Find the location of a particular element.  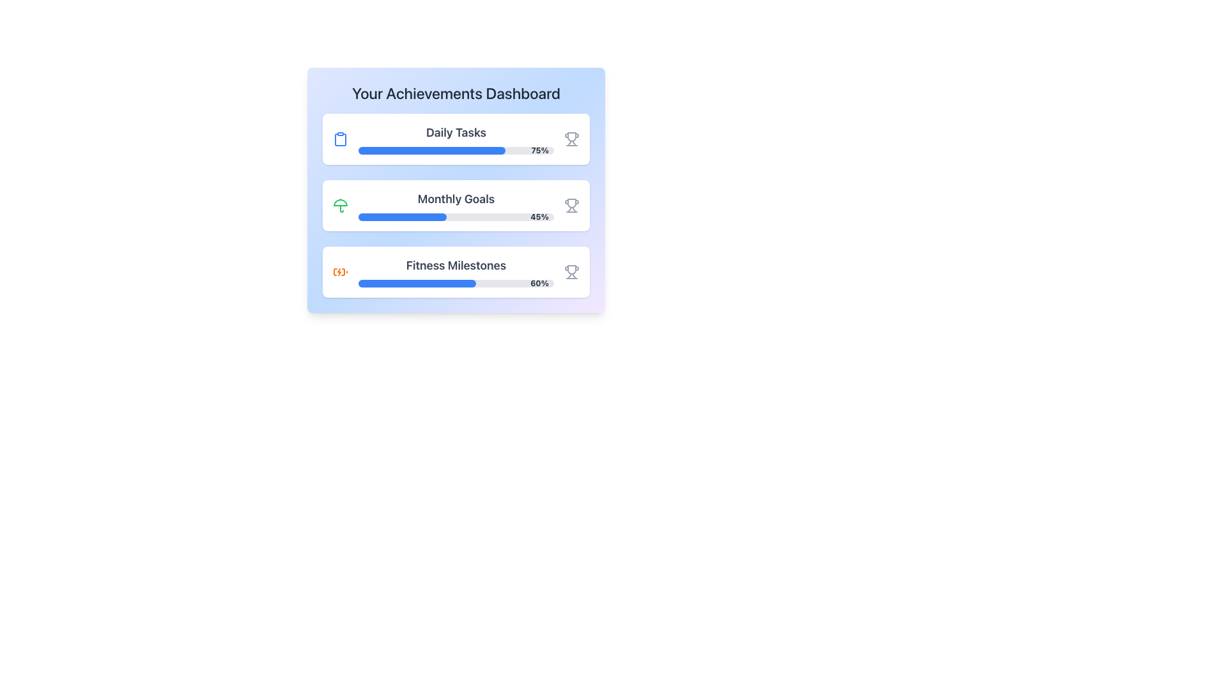

the clipboard icon, which is styled as a blue clipboard with a rounded rectangle at the top, located before the 'Daily Tasks' label is located at coordinates (340, 139).